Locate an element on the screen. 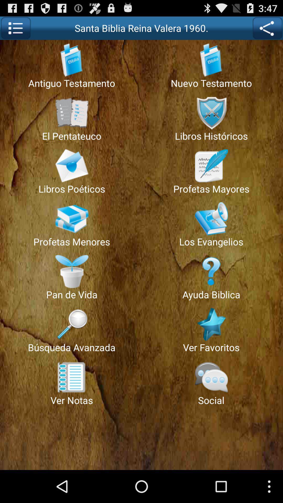 The height and width of the screenshot is (503, 283). share the article is located at coordinates (267, 28).